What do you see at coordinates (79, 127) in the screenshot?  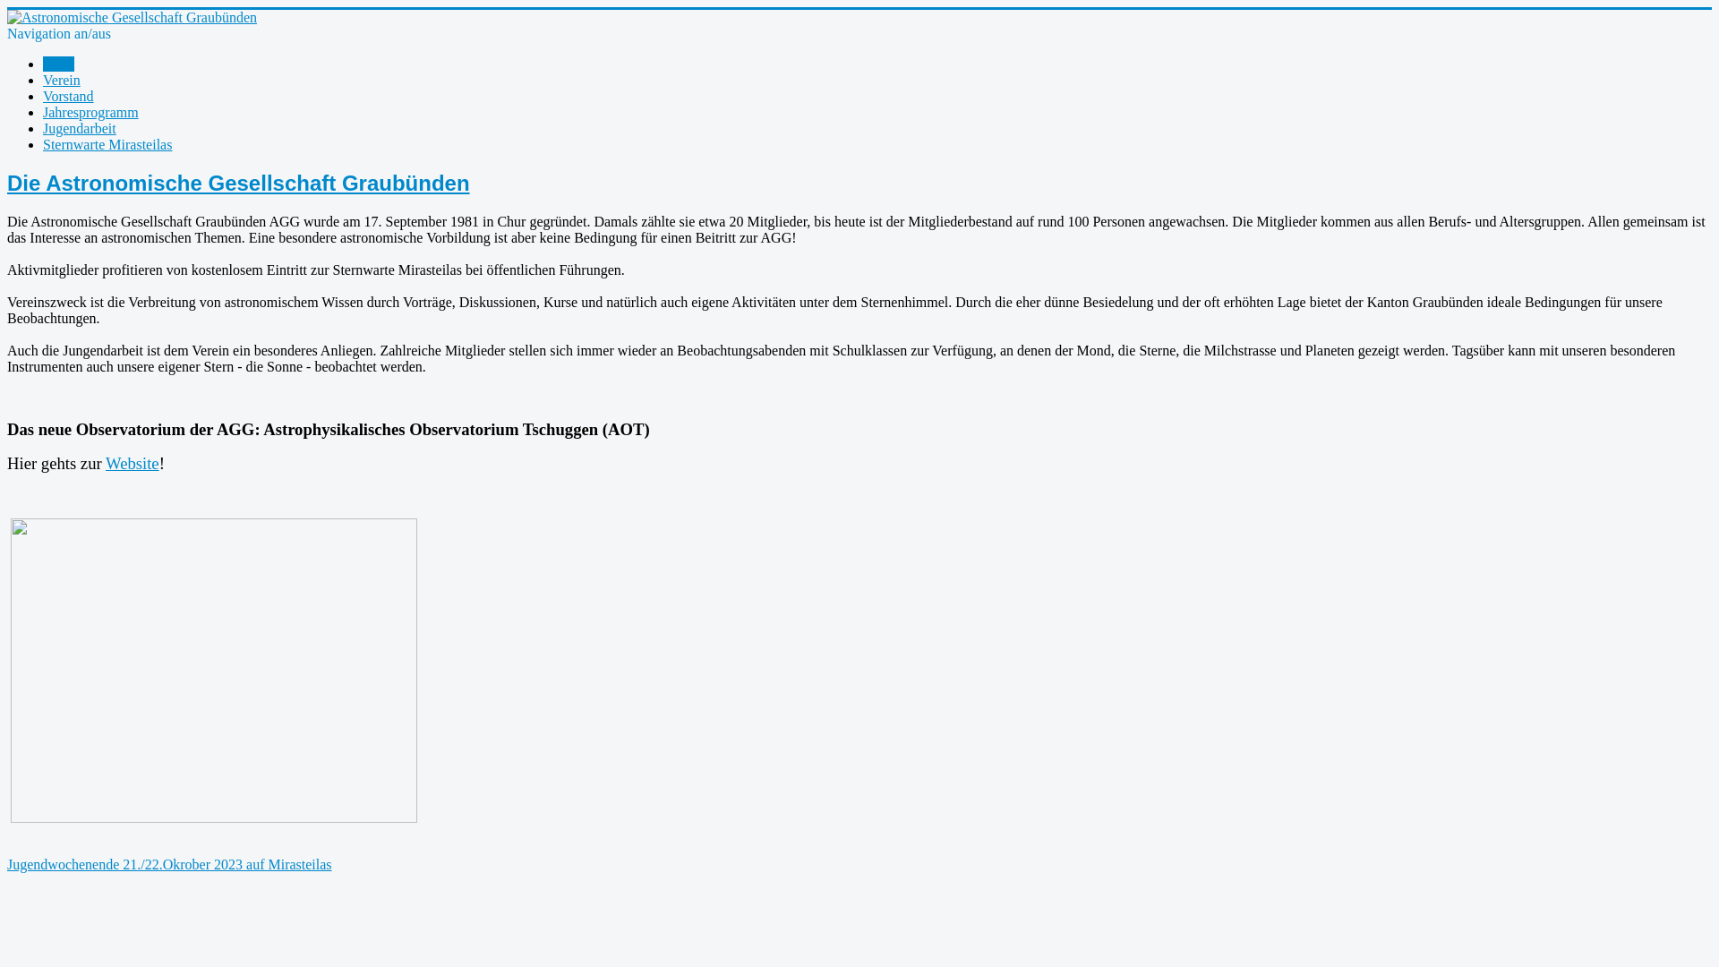 I see `'Jugendarbeit'` at bounding box center [79, 127].